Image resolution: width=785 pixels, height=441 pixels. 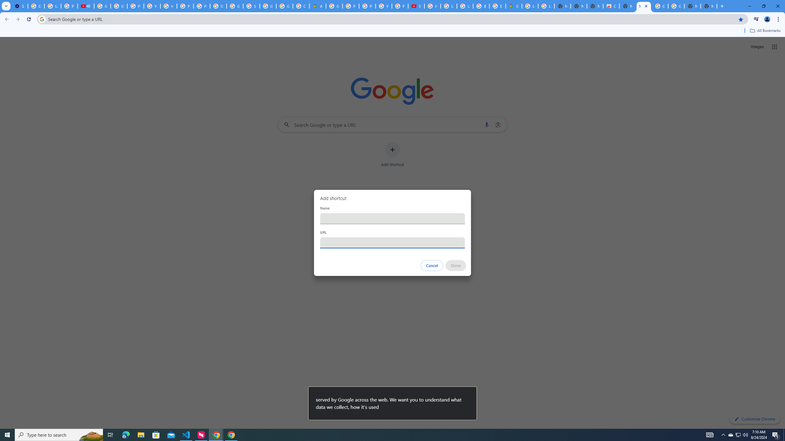 I want to click on 'Name', so click(x=392, y=218).